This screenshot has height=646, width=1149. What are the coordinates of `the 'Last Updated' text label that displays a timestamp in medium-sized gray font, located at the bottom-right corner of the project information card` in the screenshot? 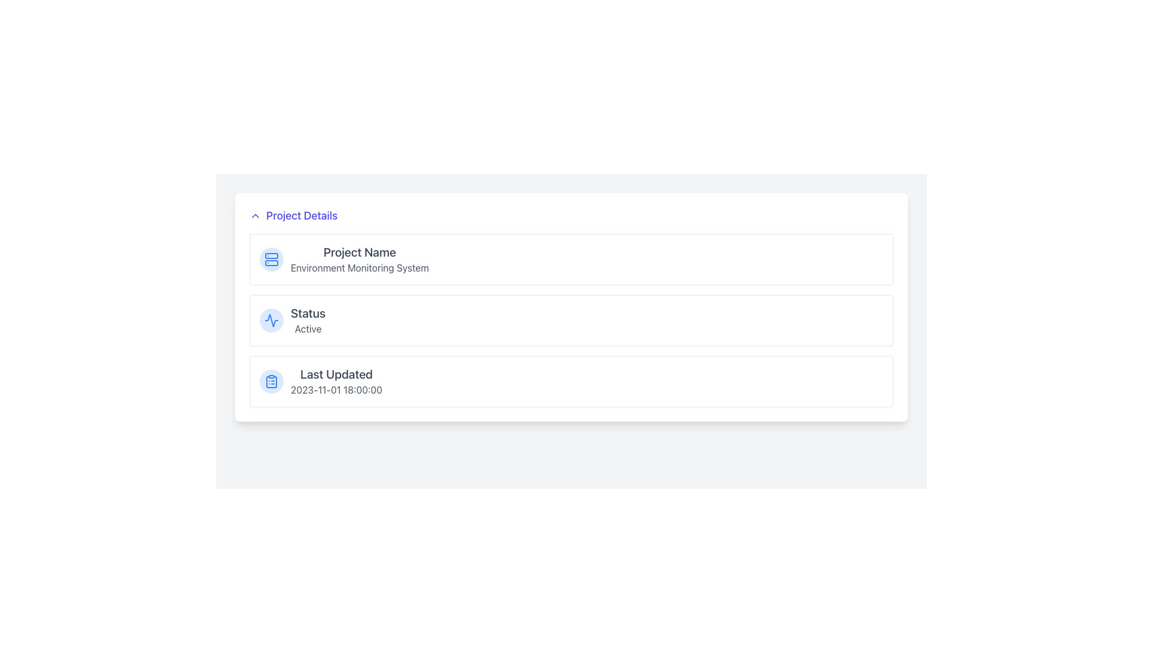 It's located at (336, 381).